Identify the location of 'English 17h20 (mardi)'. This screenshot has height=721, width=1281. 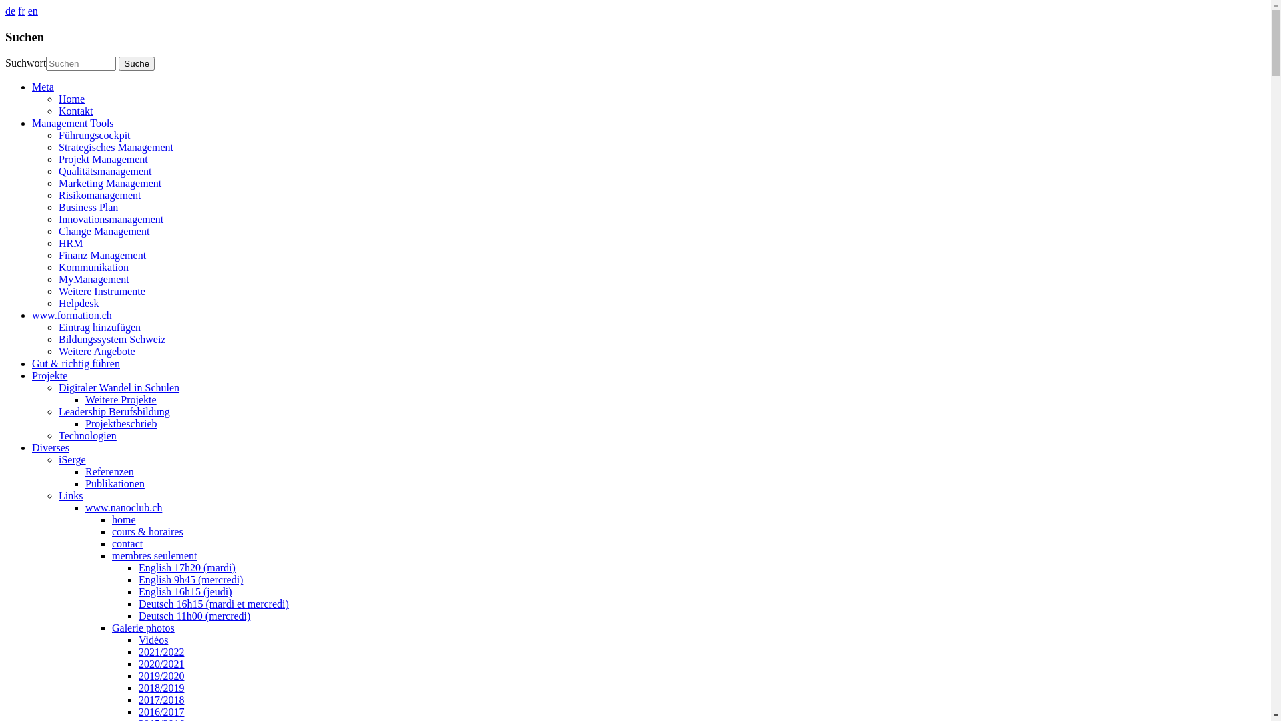
(186, 567).